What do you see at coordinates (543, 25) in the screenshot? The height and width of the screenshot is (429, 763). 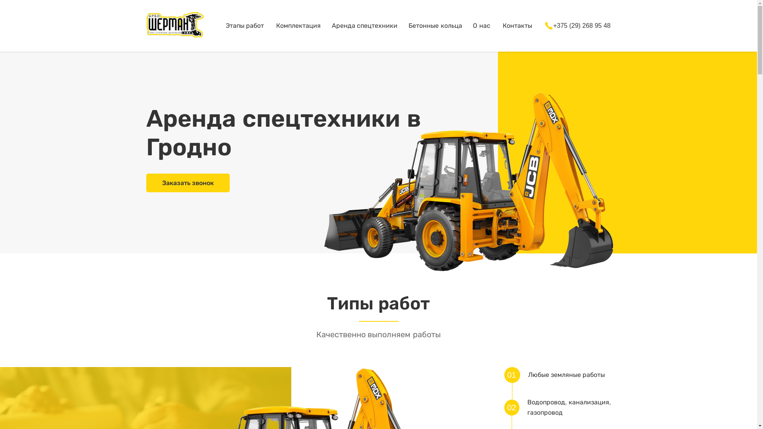 I see `'+375 (29) 268 95 48'` at bounding box center [543, 25].